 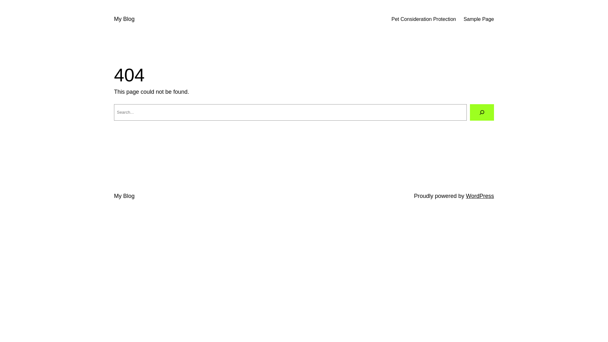 I want to click on 'Sample Page', so click(x=464, y=19).